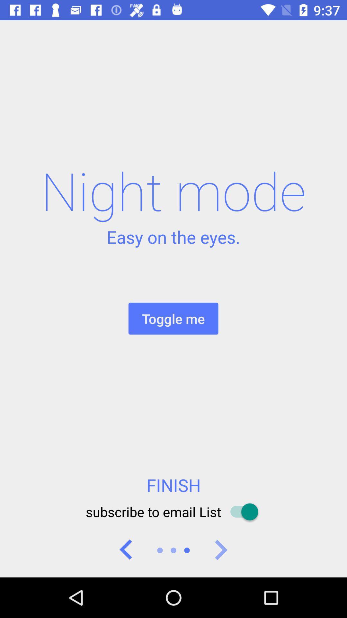  Describe the element at coordinates (173, 511) in the screenshot. I see `the subscribe to email icon` at that location.